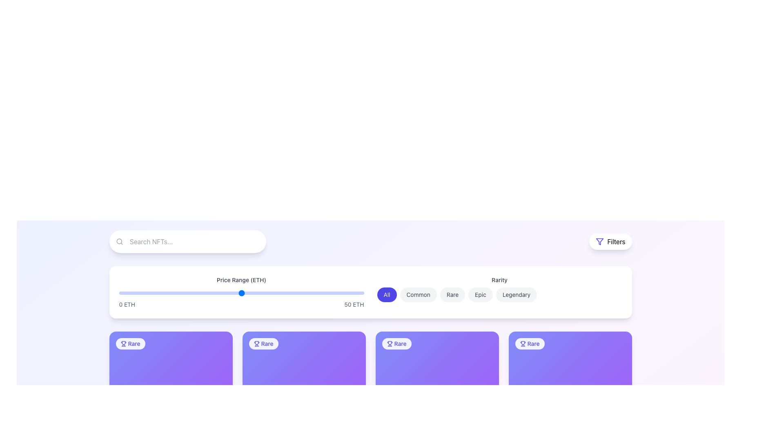 This screenshot has width=784, height=441. I want to click on the price range slider, so click(172, 292).